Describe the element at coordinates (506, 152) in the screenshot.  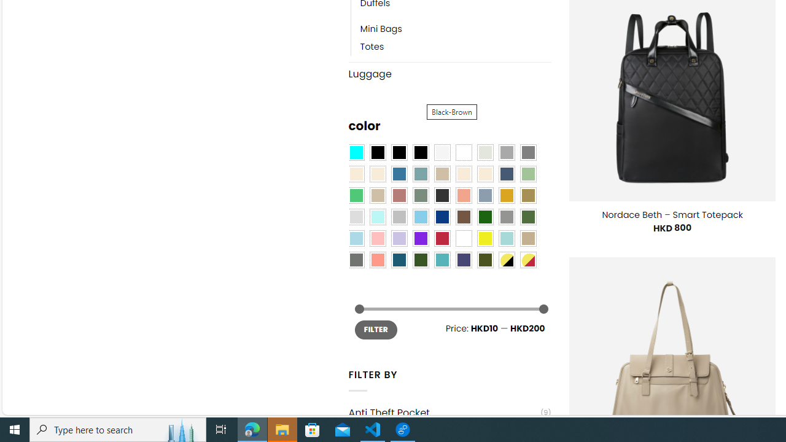
I see `'Dark Gray'` at that location.